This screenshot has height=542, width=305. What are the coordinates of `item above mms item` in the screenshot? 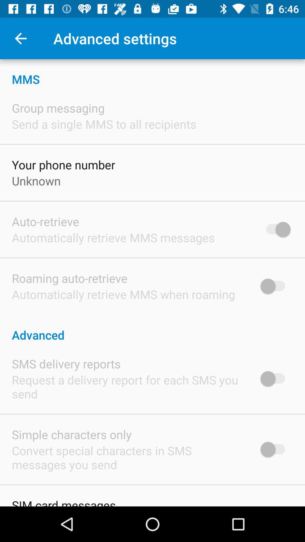 It's located at (20, 38).